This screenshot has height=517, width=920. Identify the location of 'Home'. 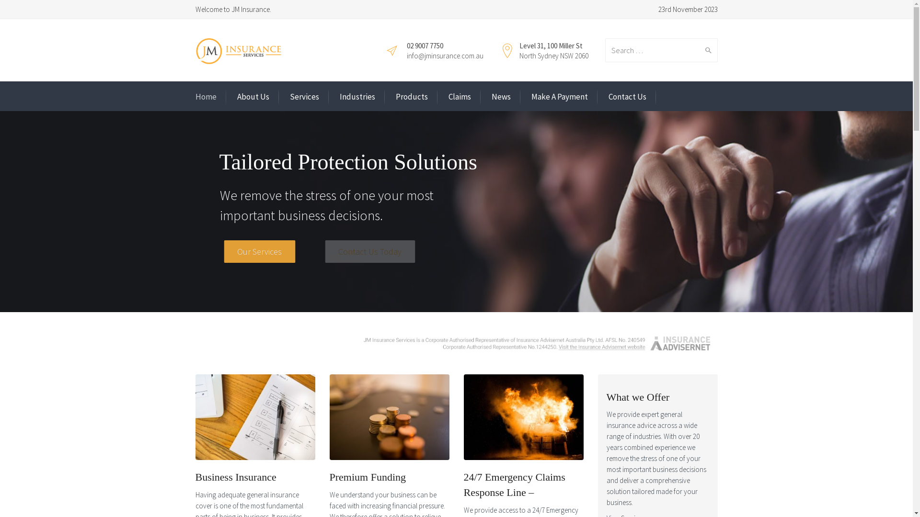
(206, 97).